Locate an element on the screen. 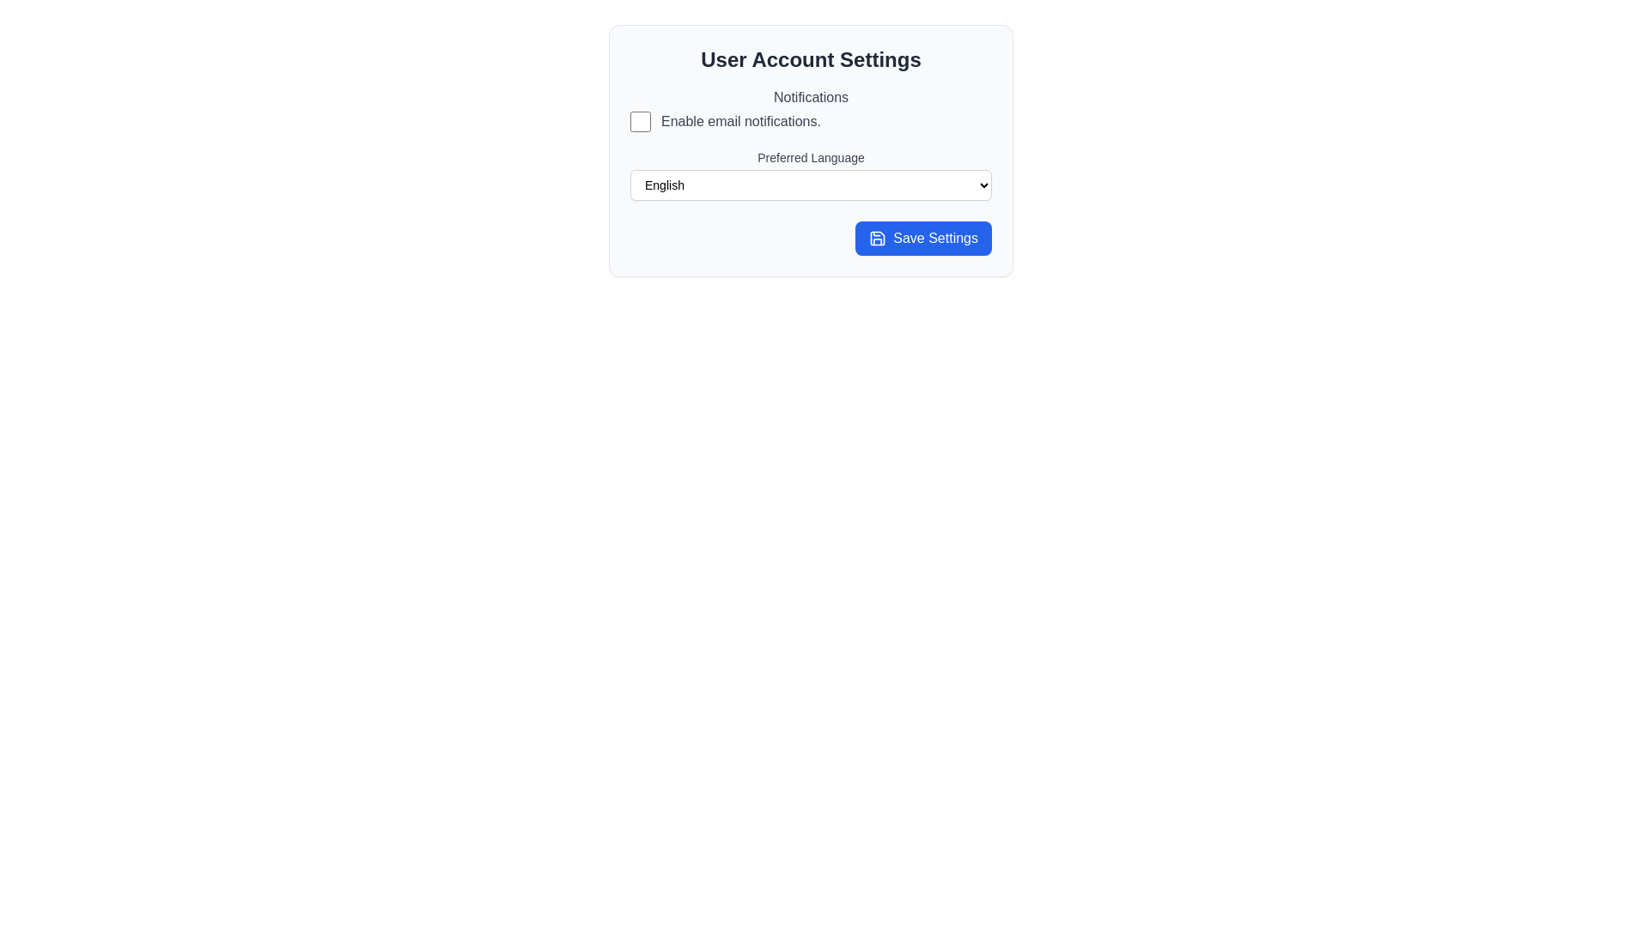 This screenshot has height=927, width=1649. the Dropdown menu for selecting preferred language, located below the 'Enable email notifications' checkbox and above the 'Save Settings' button is located at coordinates (810, 175).